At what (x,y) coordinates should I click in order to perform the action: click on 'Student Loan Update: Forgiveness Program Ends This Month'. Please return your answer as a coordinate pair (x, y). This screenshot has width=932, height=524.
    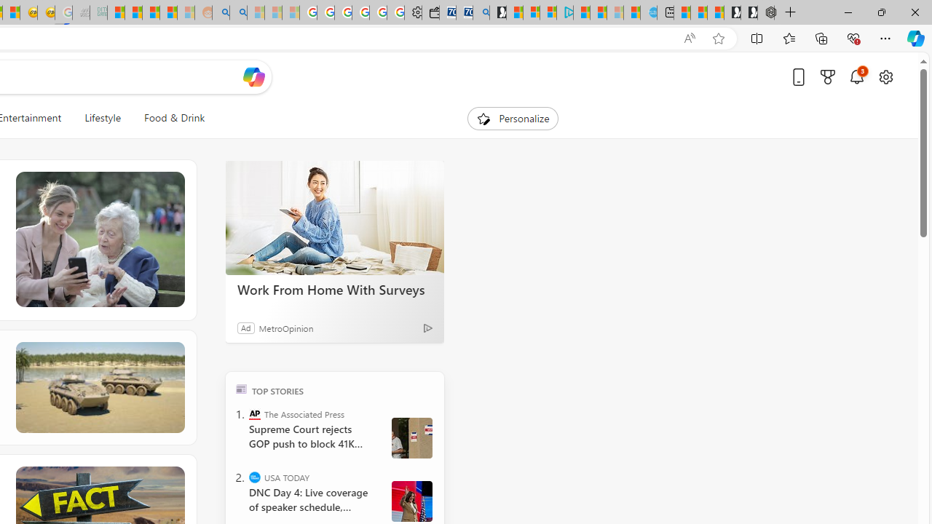
    Looking at the image, I should click on (168, 12).